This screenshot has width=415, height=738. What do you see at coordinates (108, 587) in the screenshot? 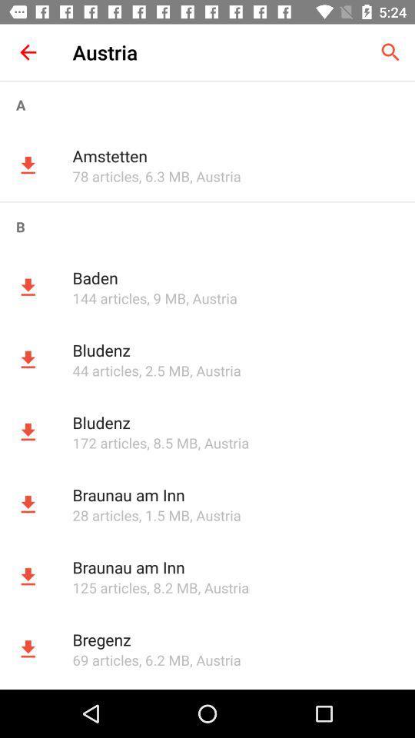
I see `item below the braunau am inn` at bounding box center [108, 587].